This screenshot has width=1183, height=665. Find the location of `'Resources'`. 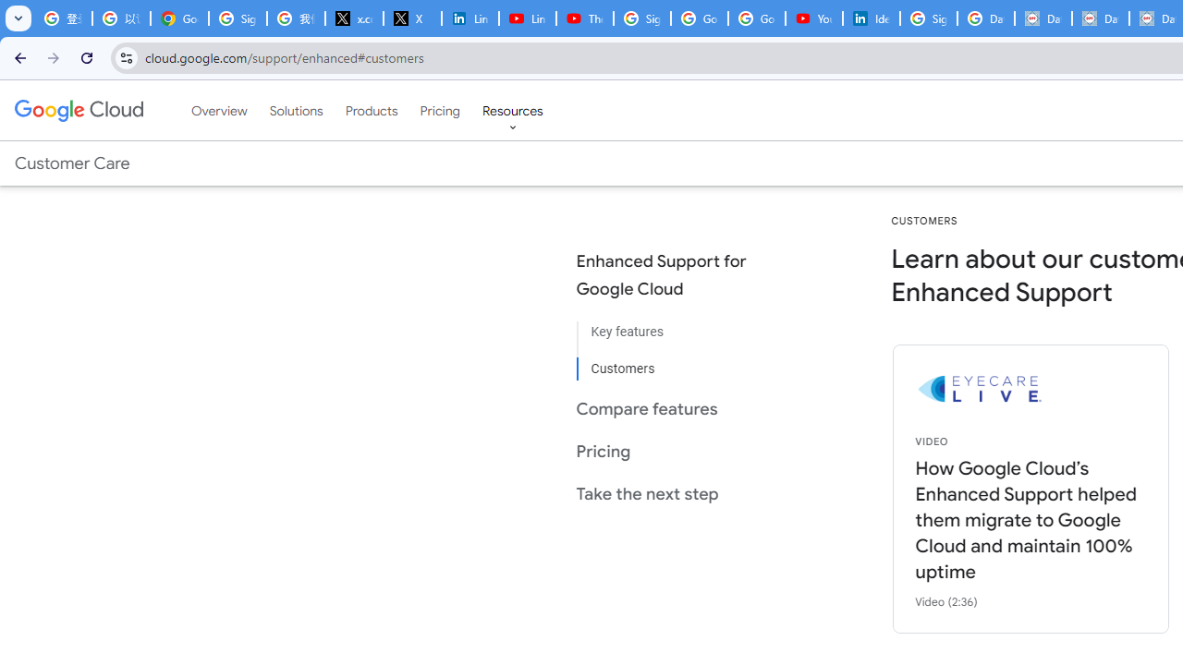

'Resources' is located at coordinates (512, 110).